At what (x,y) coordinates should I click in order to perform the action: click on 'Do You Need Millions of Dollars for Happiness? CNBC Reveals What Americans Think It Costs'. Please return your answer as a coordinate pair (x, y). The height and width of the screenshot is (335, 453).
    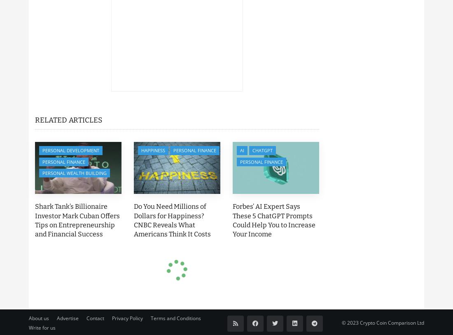
    Looking at the image, I should click on (133, 220).